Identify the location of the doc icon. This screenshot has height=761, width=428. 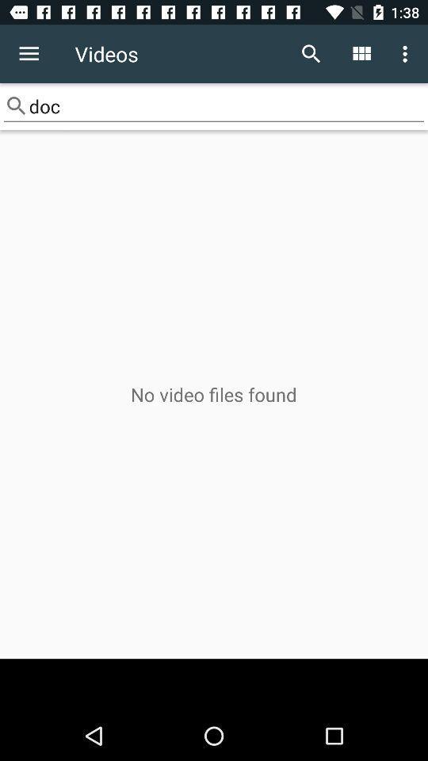
(214, 105).